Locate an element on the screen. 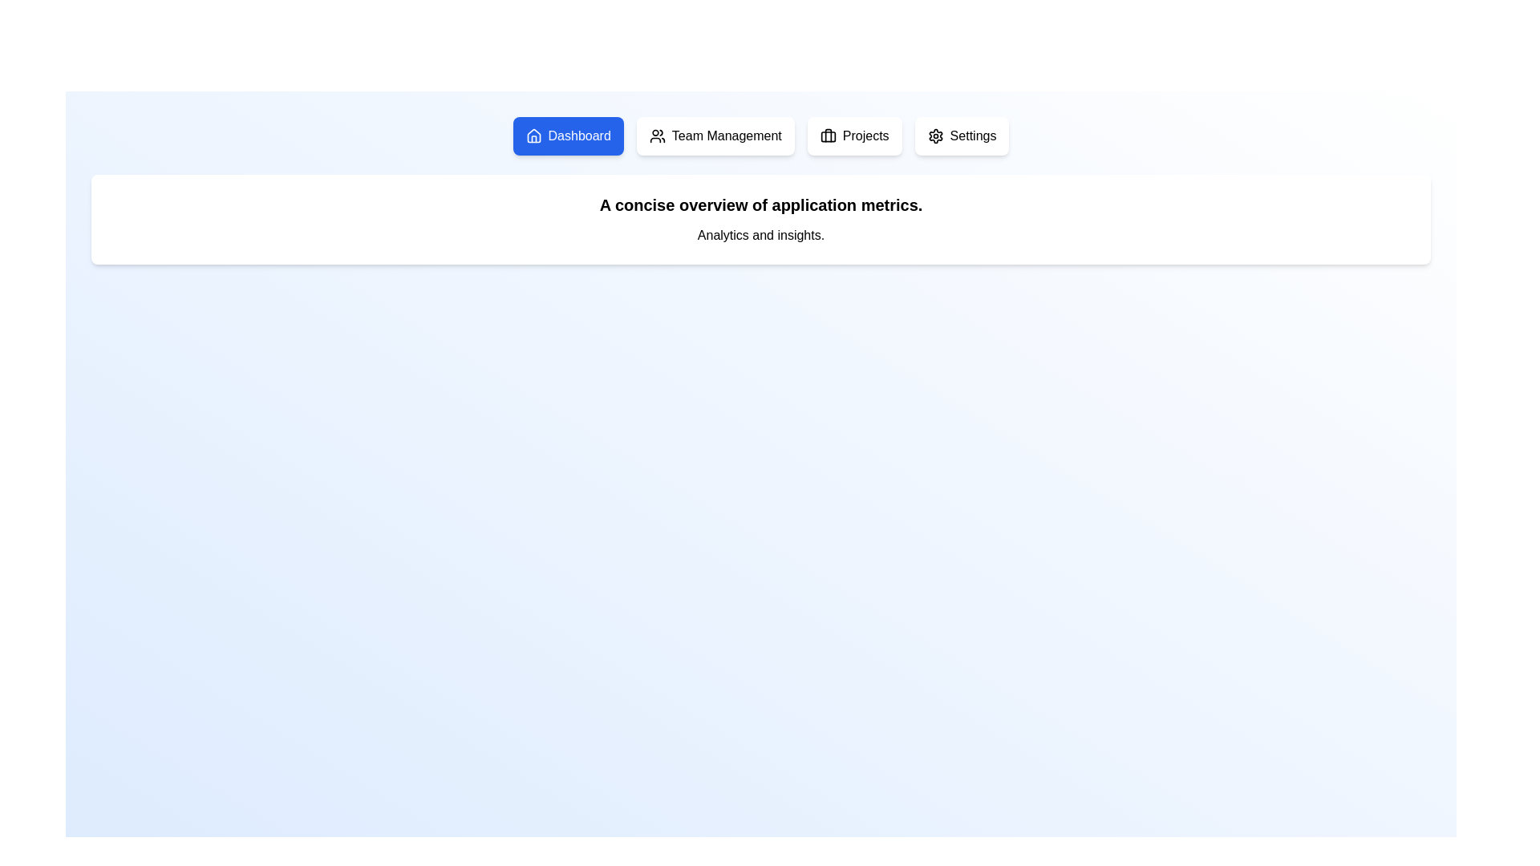 This screenshot has height=866, width=1540. the gear-shaped settings icon located in the top-right navigation area of the interface is located at coordinates (935, 135).